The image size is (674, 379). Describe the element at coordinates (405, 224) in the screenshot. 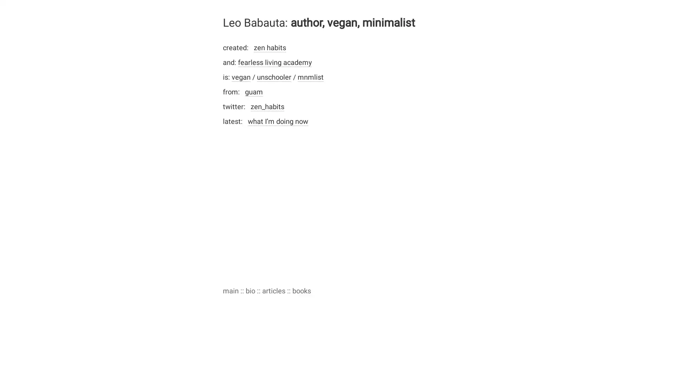

I see `Get Updates` at that location.